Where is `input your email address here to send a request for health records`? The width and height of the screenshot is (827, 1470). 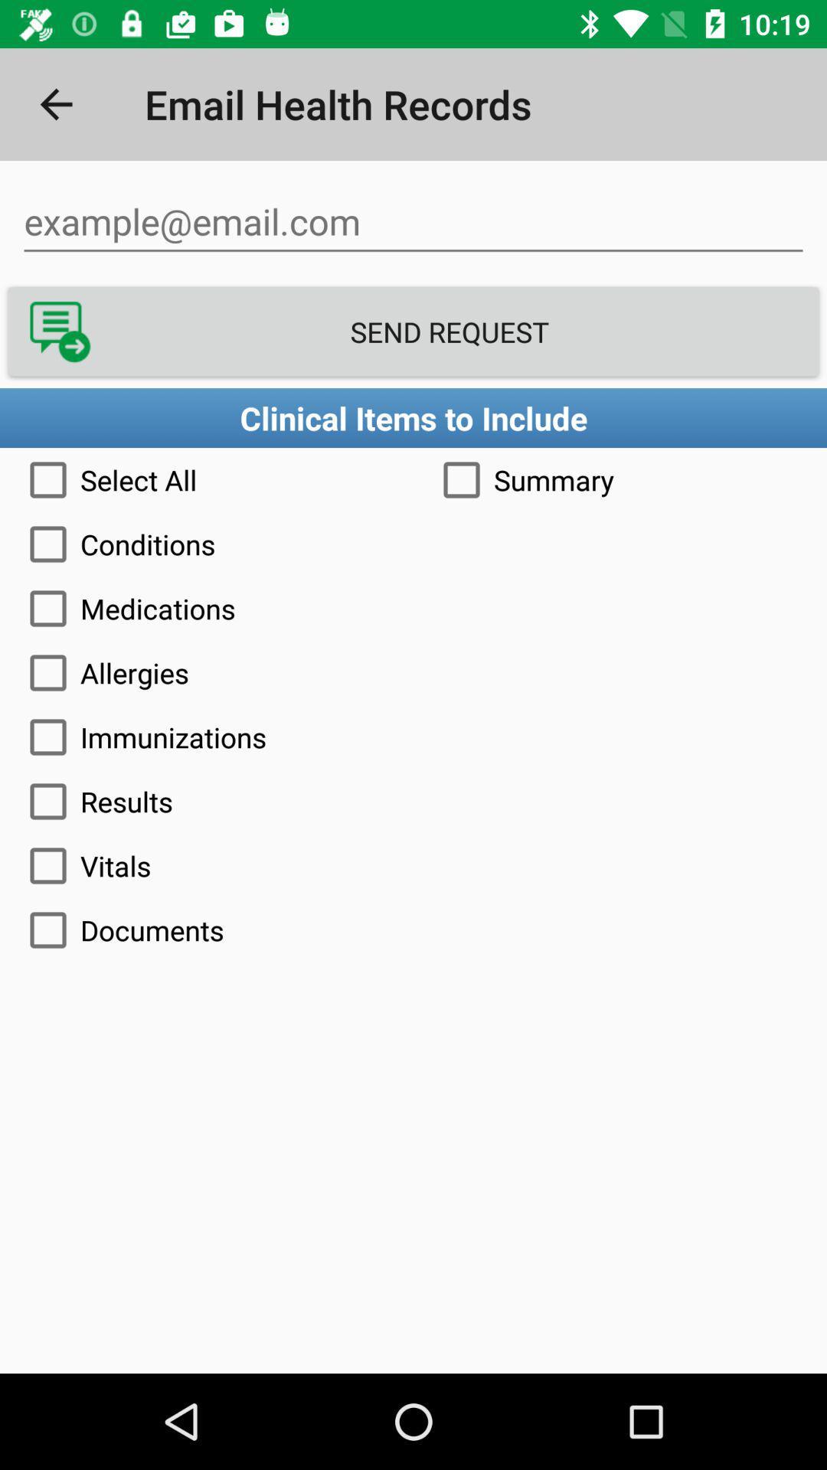
input your email address here to send a request for health records is located at coordinates (413, 221).